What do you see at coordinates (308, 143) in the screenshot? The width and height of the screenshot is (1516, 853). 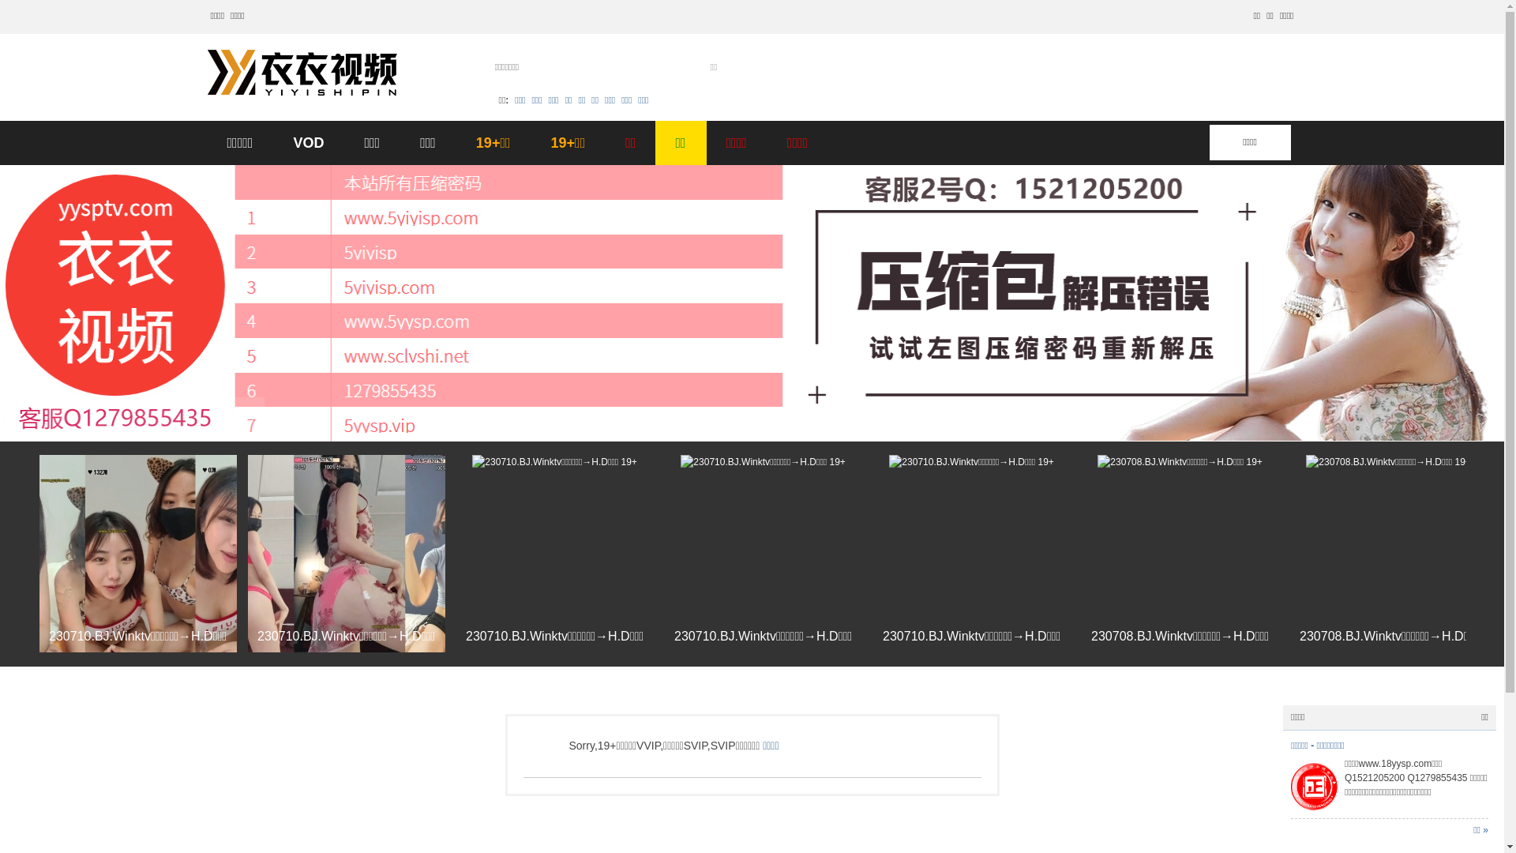 I see `'VOD'` at bounding box center [308, 143].